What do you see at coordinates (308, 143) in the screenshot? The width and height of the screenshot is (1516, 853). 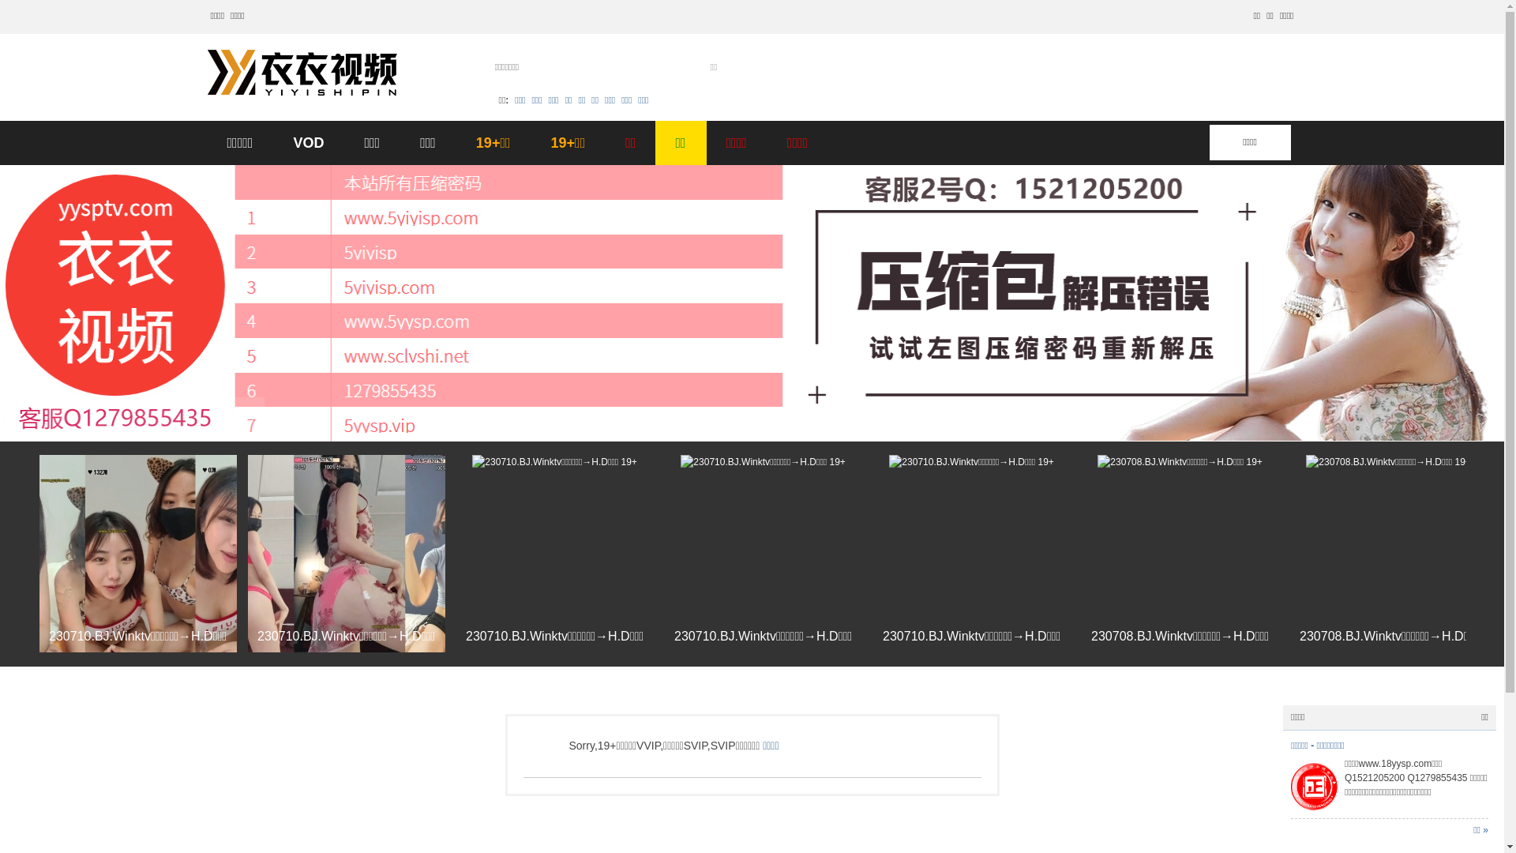 I see `'VOD'` at bounding box center [308, 143].